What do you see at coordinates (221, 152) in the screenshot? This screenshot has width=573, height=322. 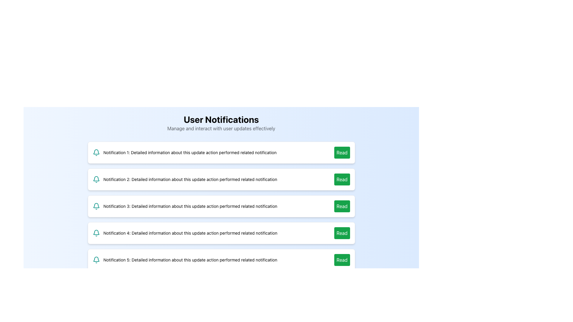 I see `the first List Item with Icon and Button in the User Notifications section by moving the cursor to its center point` at bounding box center [221, 152].